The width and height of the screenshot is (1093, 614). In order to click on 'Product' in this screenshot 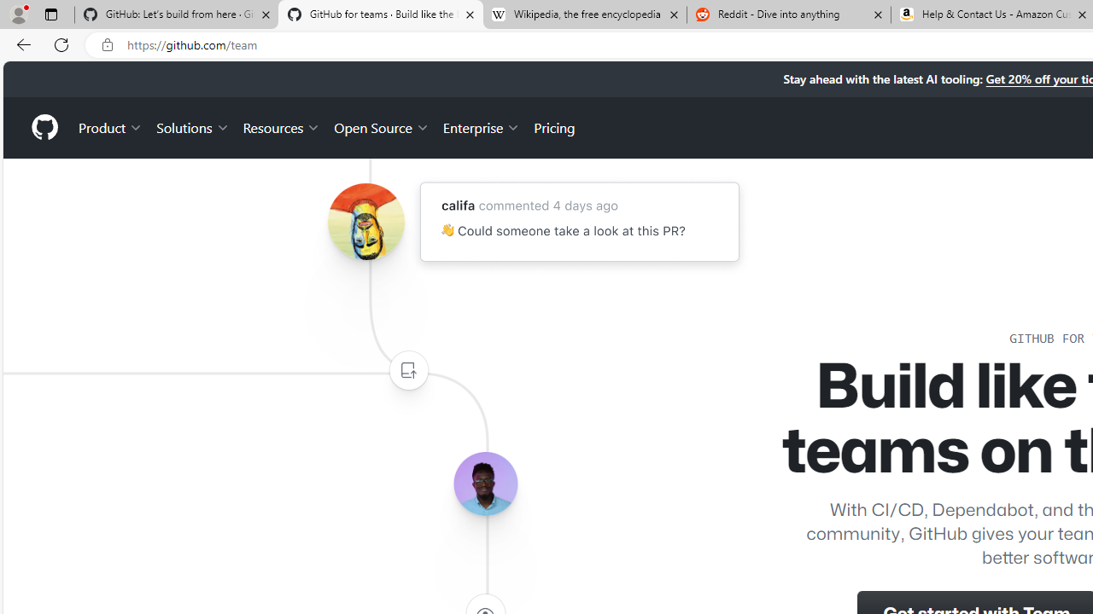, I will do `click(110, 126)`.